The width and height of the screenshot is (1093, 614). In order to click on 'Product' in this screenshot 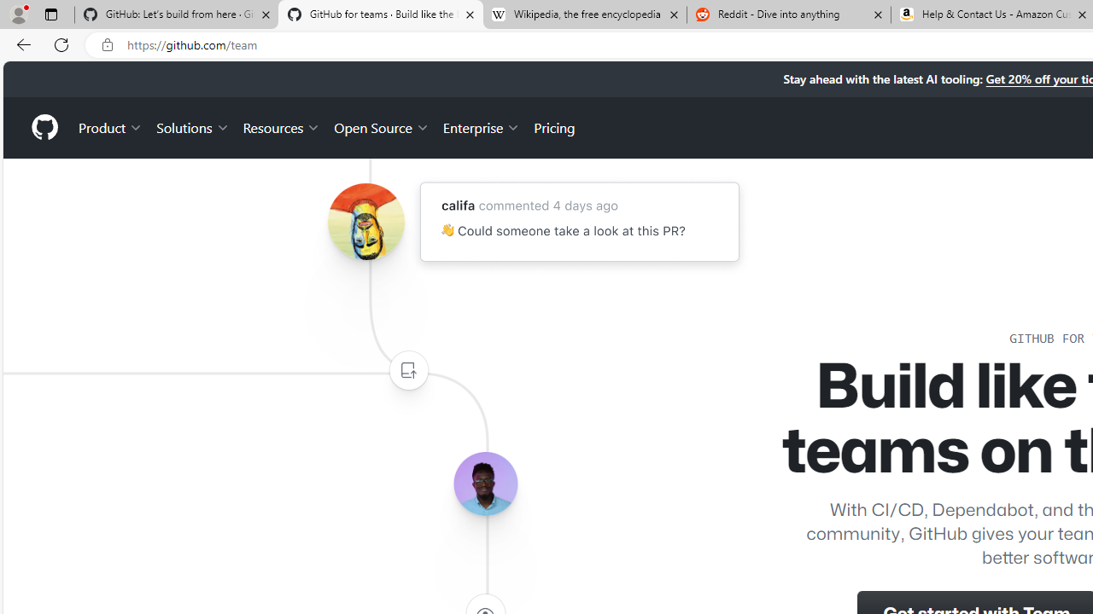, I will do `click(110, 126)`.